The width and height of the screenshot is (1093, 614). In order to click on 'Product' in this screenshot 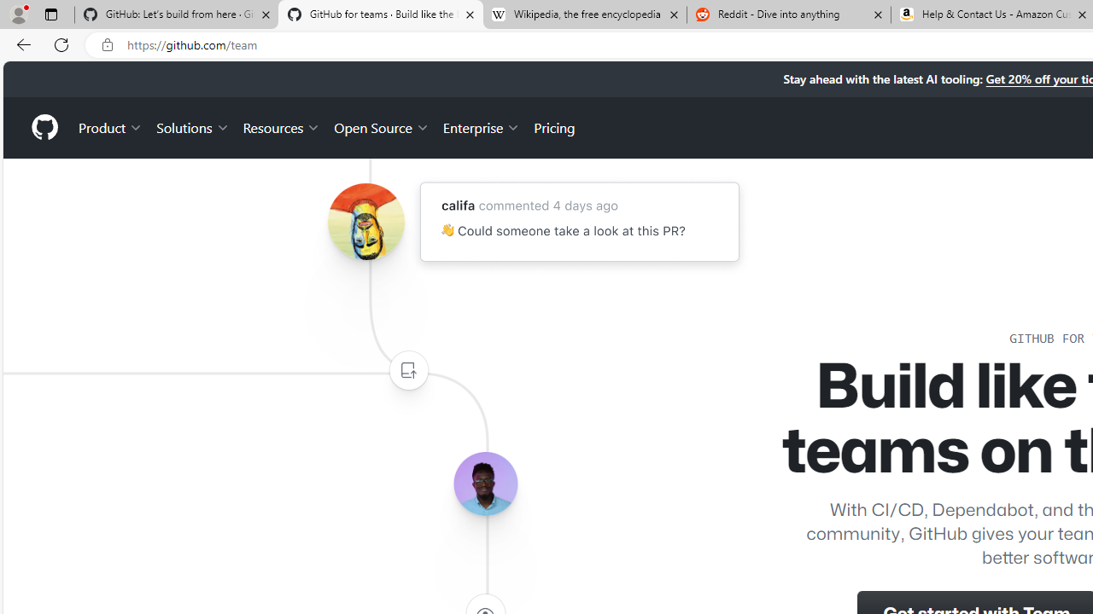, I will do `click(110, 126)`.